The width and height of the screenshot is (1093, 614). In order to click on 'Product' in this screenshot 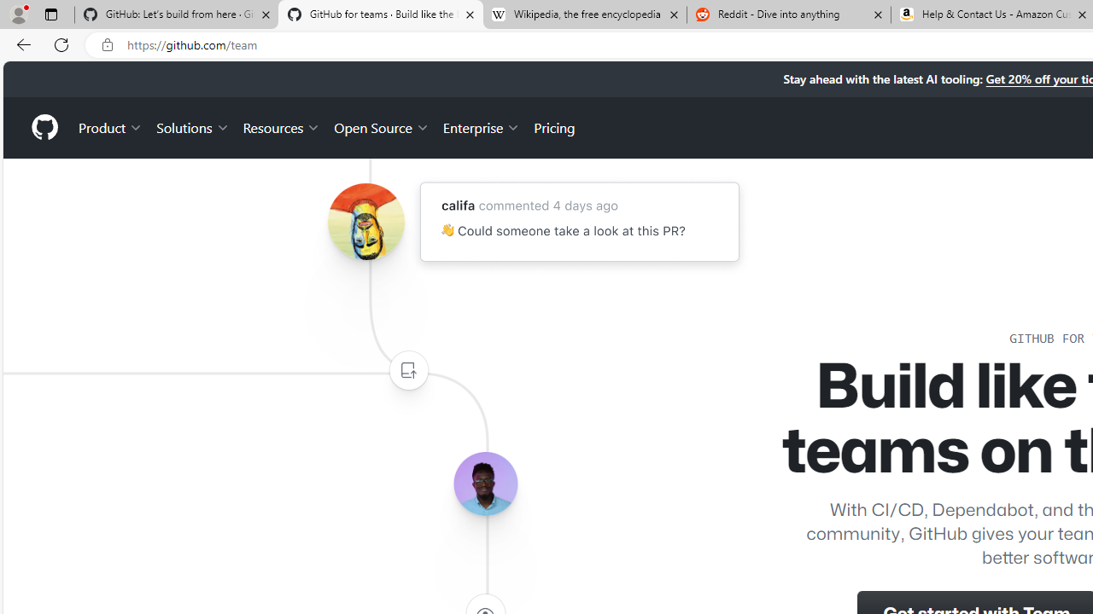, I will do `click(110, 126)`.